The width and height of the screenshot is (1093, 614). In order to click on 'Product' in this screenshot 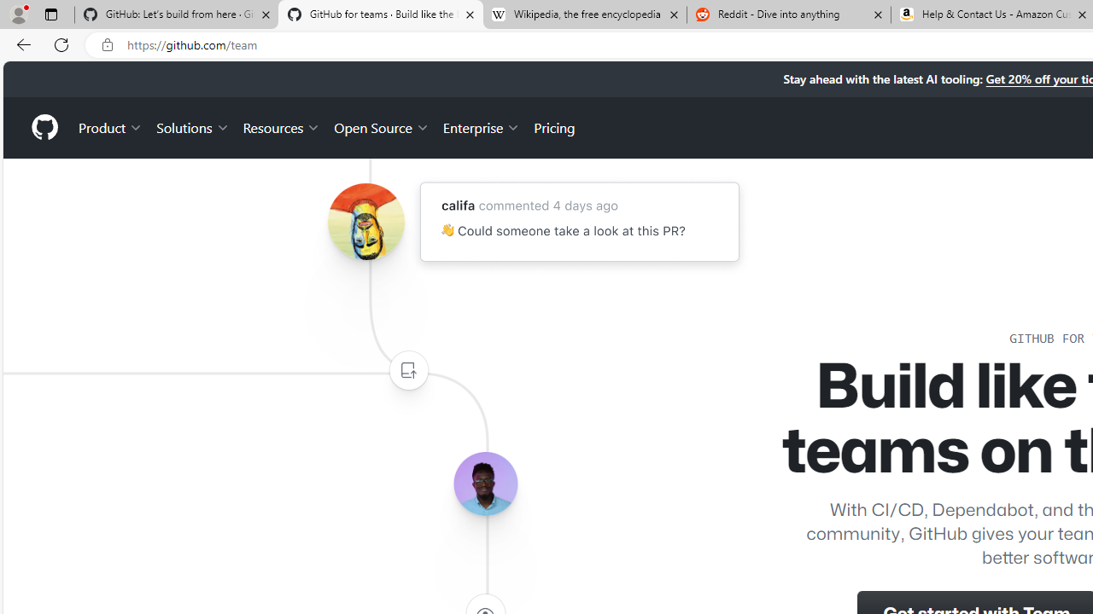, I will do `click(110, 126)`.